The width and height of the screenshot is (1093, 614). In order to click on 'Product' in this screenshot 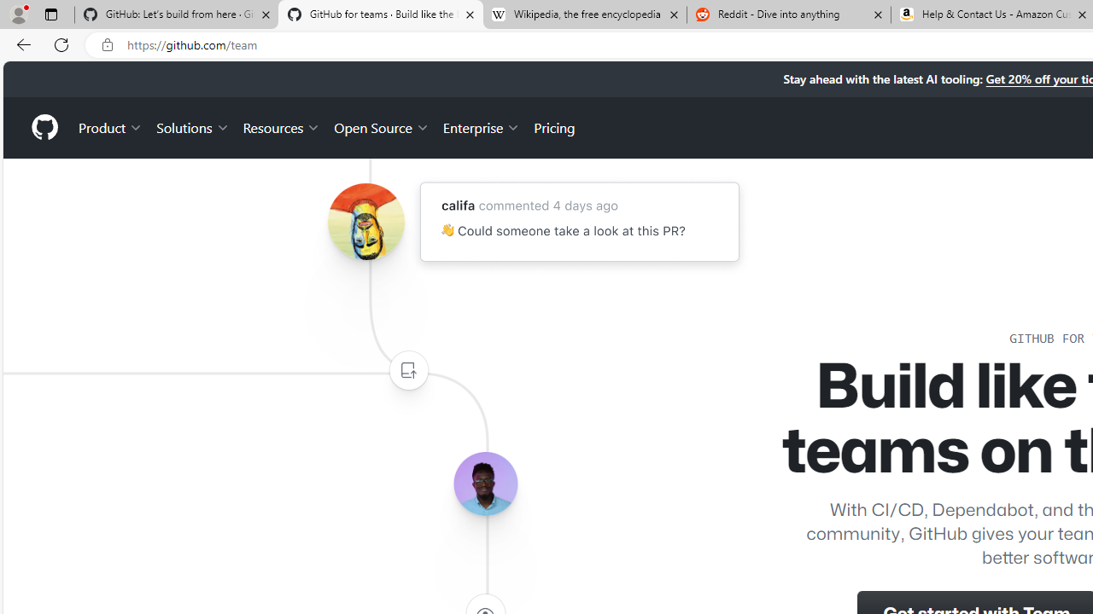, I will do `click(110, 126)`.